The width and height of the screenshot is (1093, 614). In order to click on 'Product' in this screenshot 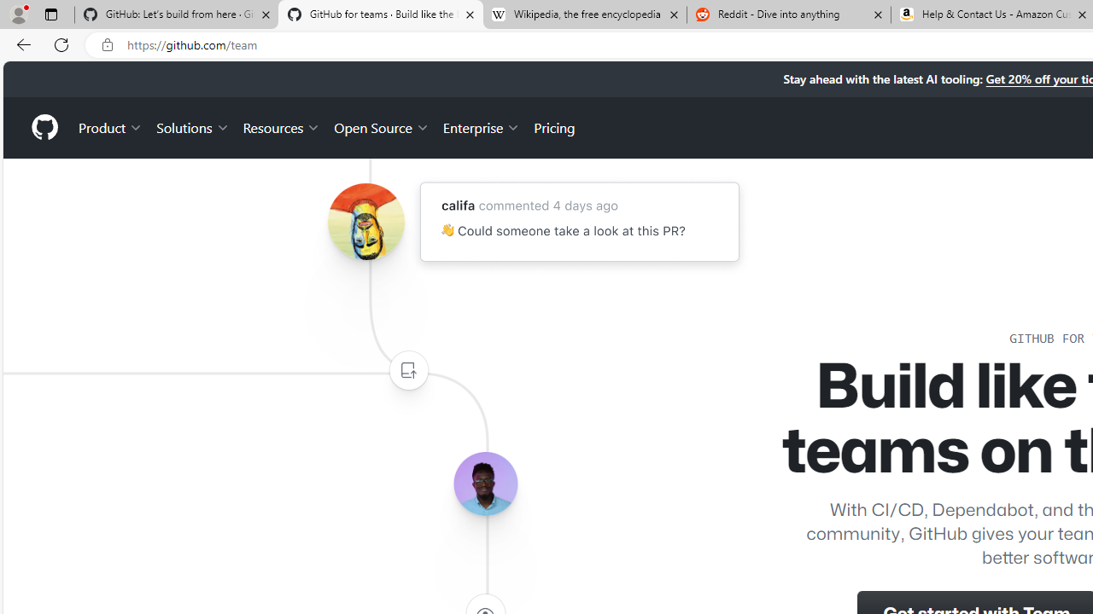, I will do `click(110, 126)`.